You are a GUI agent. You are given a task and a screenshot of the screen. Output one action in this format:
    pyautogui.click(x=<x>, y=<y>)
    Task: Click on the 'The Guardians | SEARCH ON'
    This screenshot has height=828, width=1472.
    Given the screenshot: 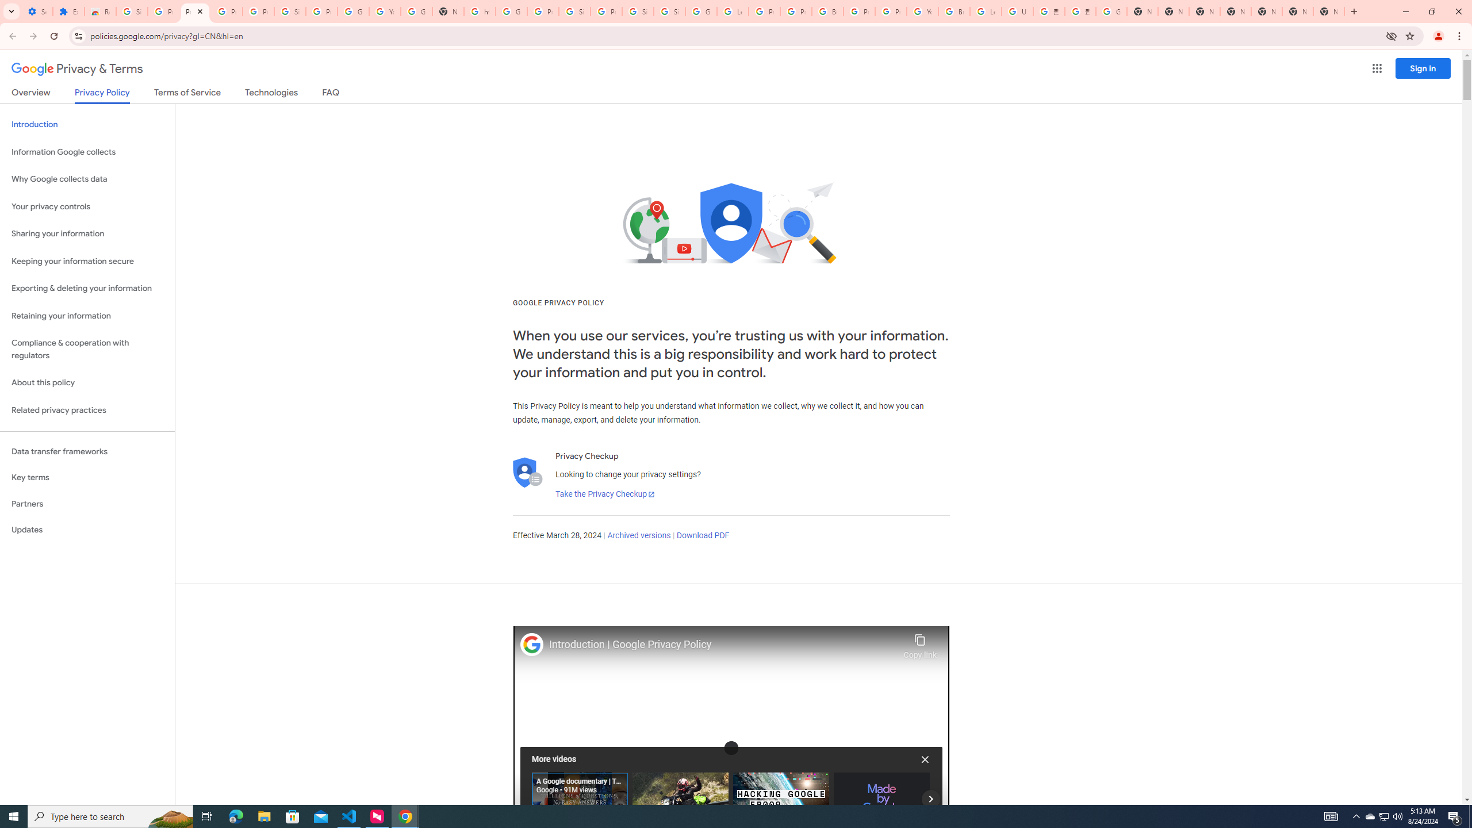 What is the action you would take?
    pyautogui.click(x=680, y=798)
    